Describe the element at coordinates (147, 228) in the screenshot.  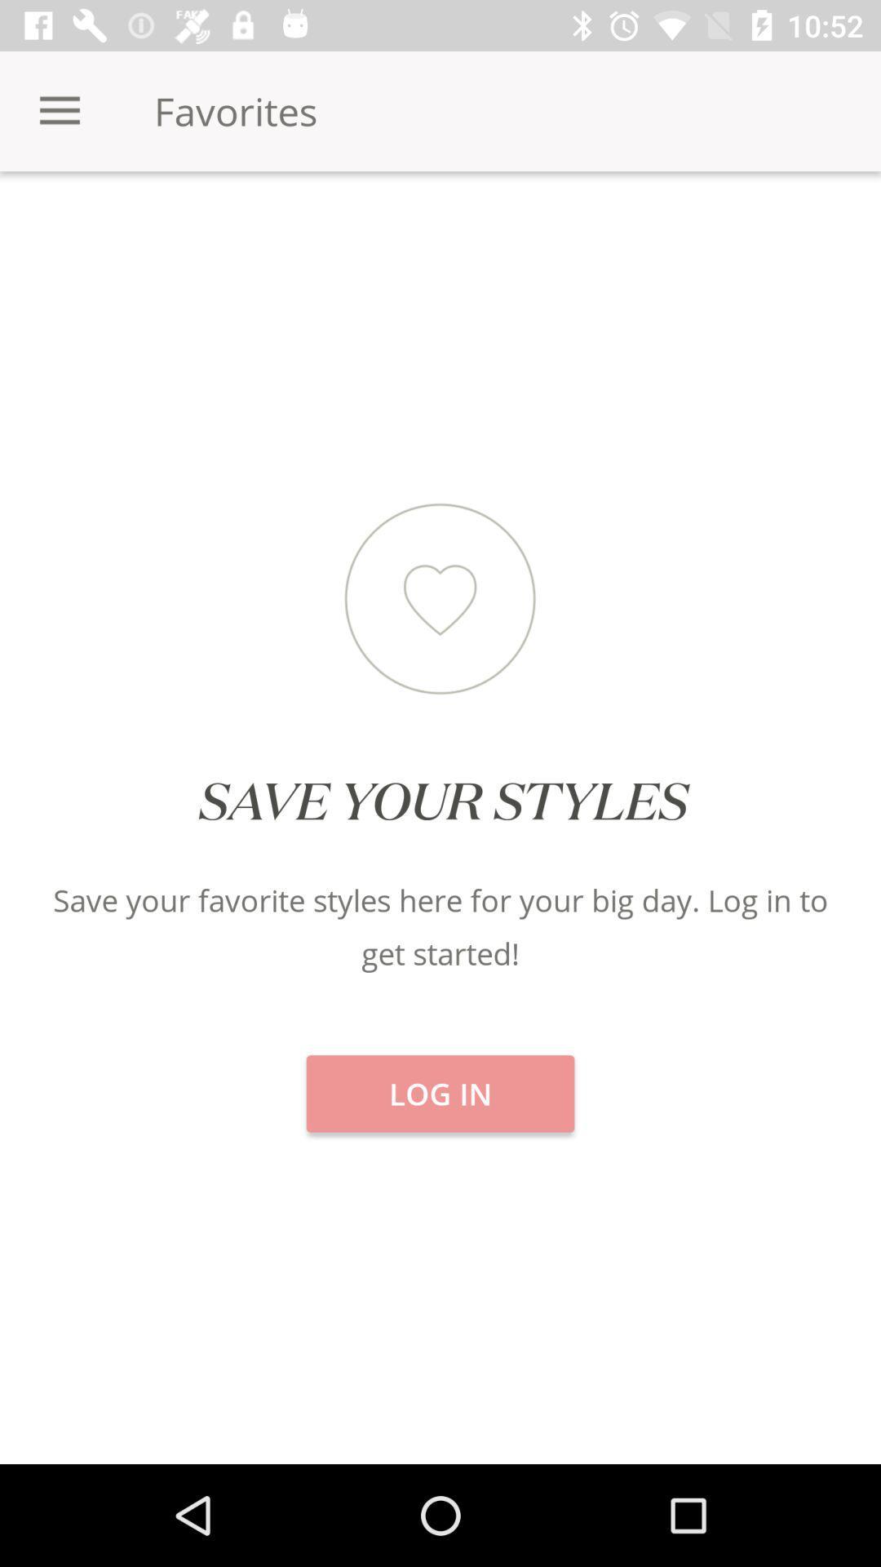
I see `the item to the left of featured icon` at that location.